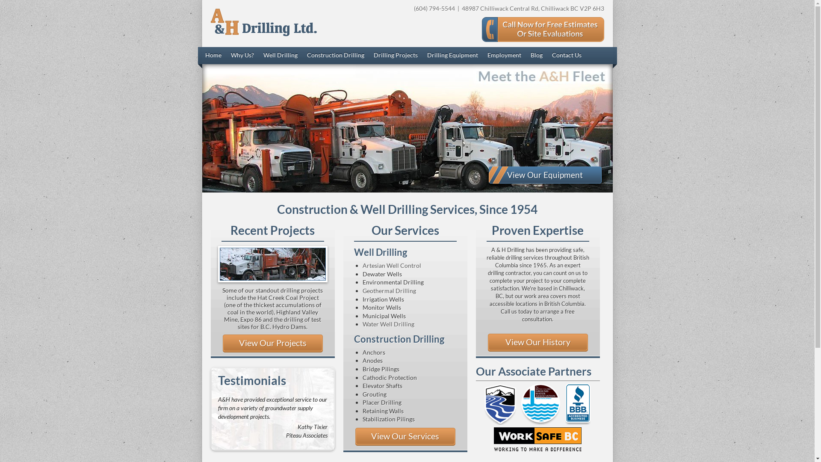 The width and height of the screenshot is (821, 462). Describe the element at coordinates (335, 56) in the screenshot. I see `'Construction Drilling'` at that location.